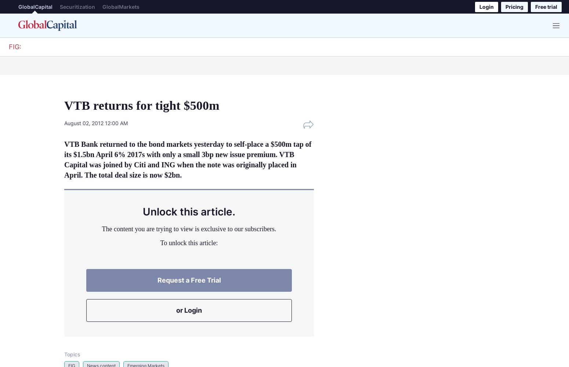 Image resolution: width=569 pixels, height=367 pixels. Describe the element at coordinates (188, 280) in the screenshot. I see `'Request a Free Trial'` at that location.